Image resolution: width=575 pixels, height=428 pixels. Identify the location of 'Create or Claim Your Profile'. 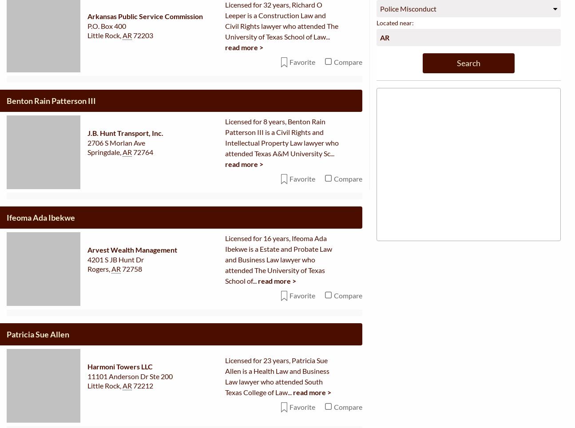
(163, 329).